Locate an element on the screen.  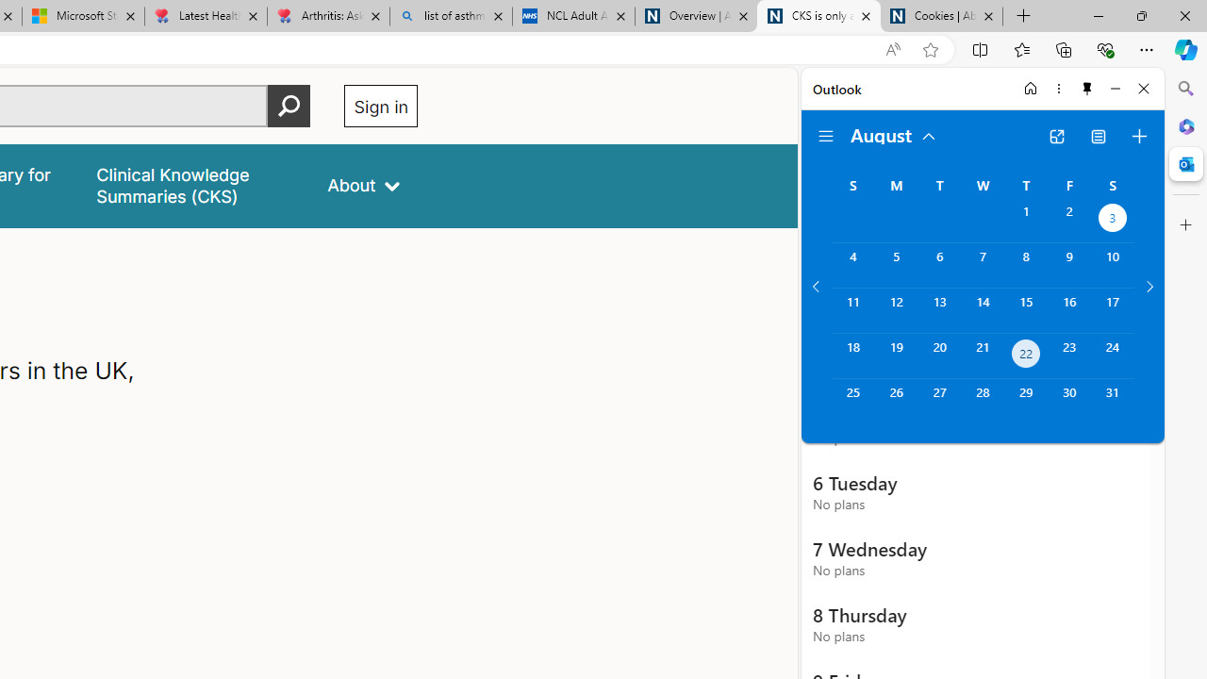
'Friday, August 30, 2024. ' is located at coordinates (1069, 400).